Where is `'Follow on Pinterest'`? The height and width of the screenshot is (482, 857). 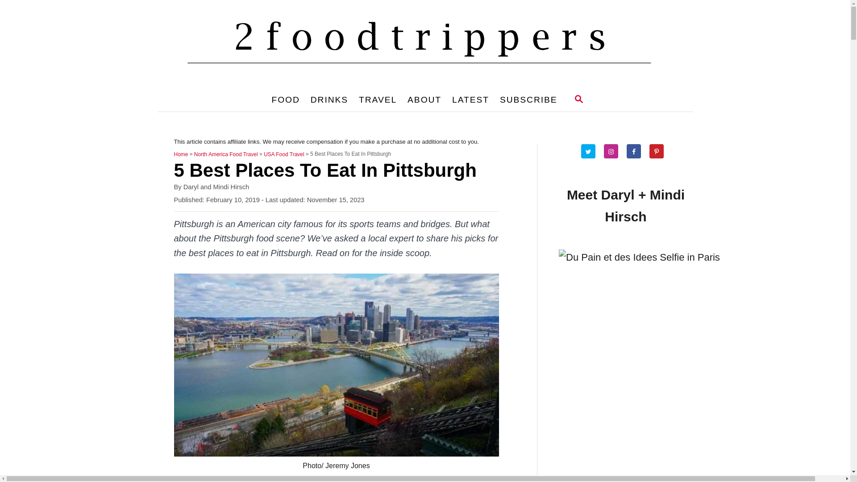 'Follow on Pinterest' is located at coordinates (660, 151).